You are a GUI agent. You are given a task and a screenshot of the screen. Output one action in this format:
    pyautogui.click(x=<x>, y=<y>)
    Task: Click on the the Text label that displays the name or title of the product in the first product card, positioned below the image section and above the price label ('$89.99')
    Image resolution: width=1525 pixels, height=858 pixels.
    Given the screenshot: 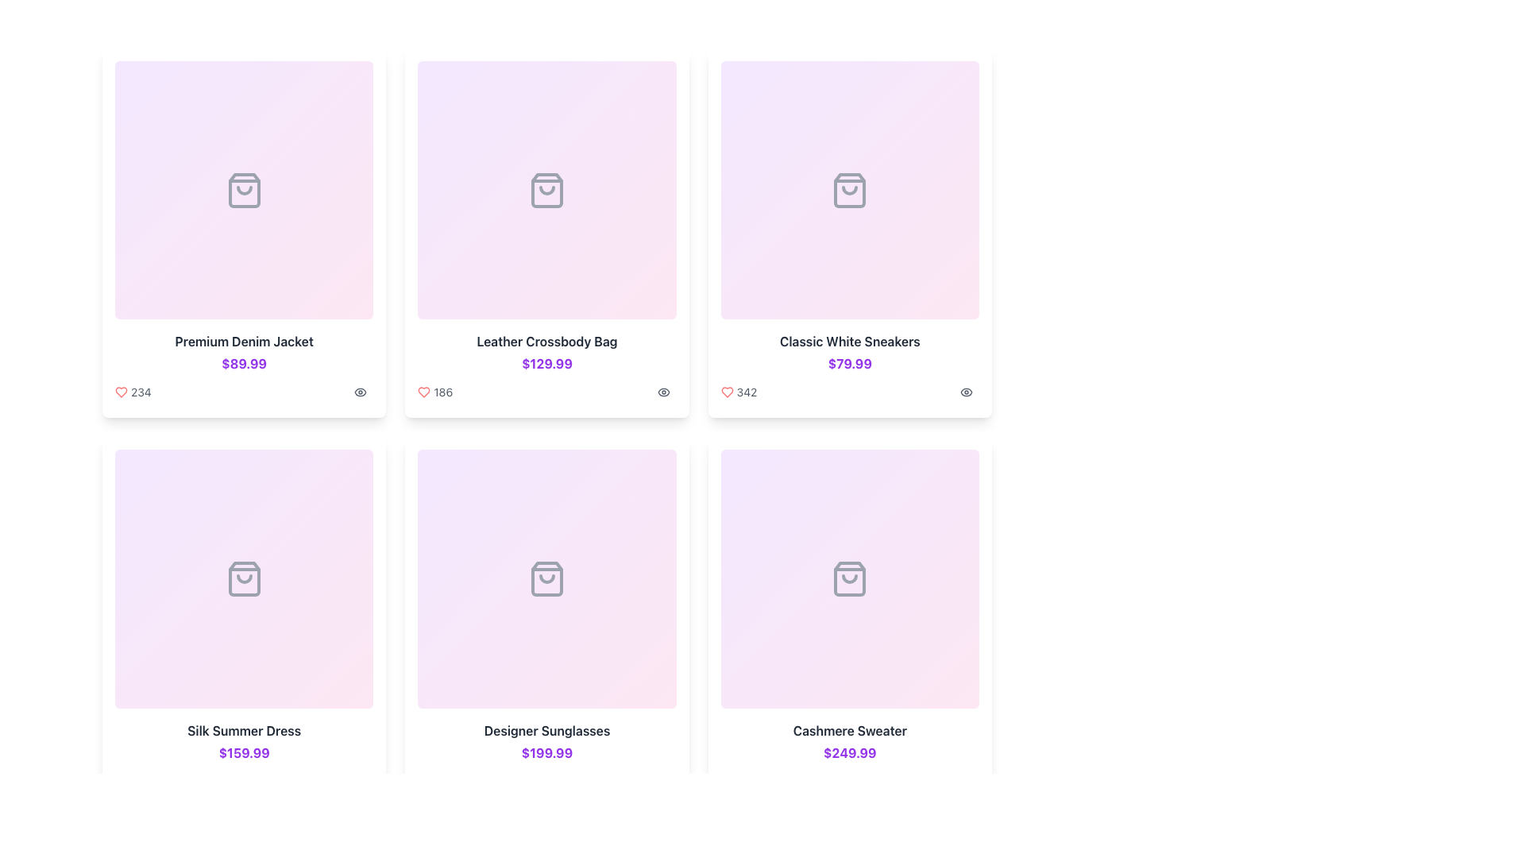 What is the action you would take?
    pyautogui.click(x=243, y=341)
    